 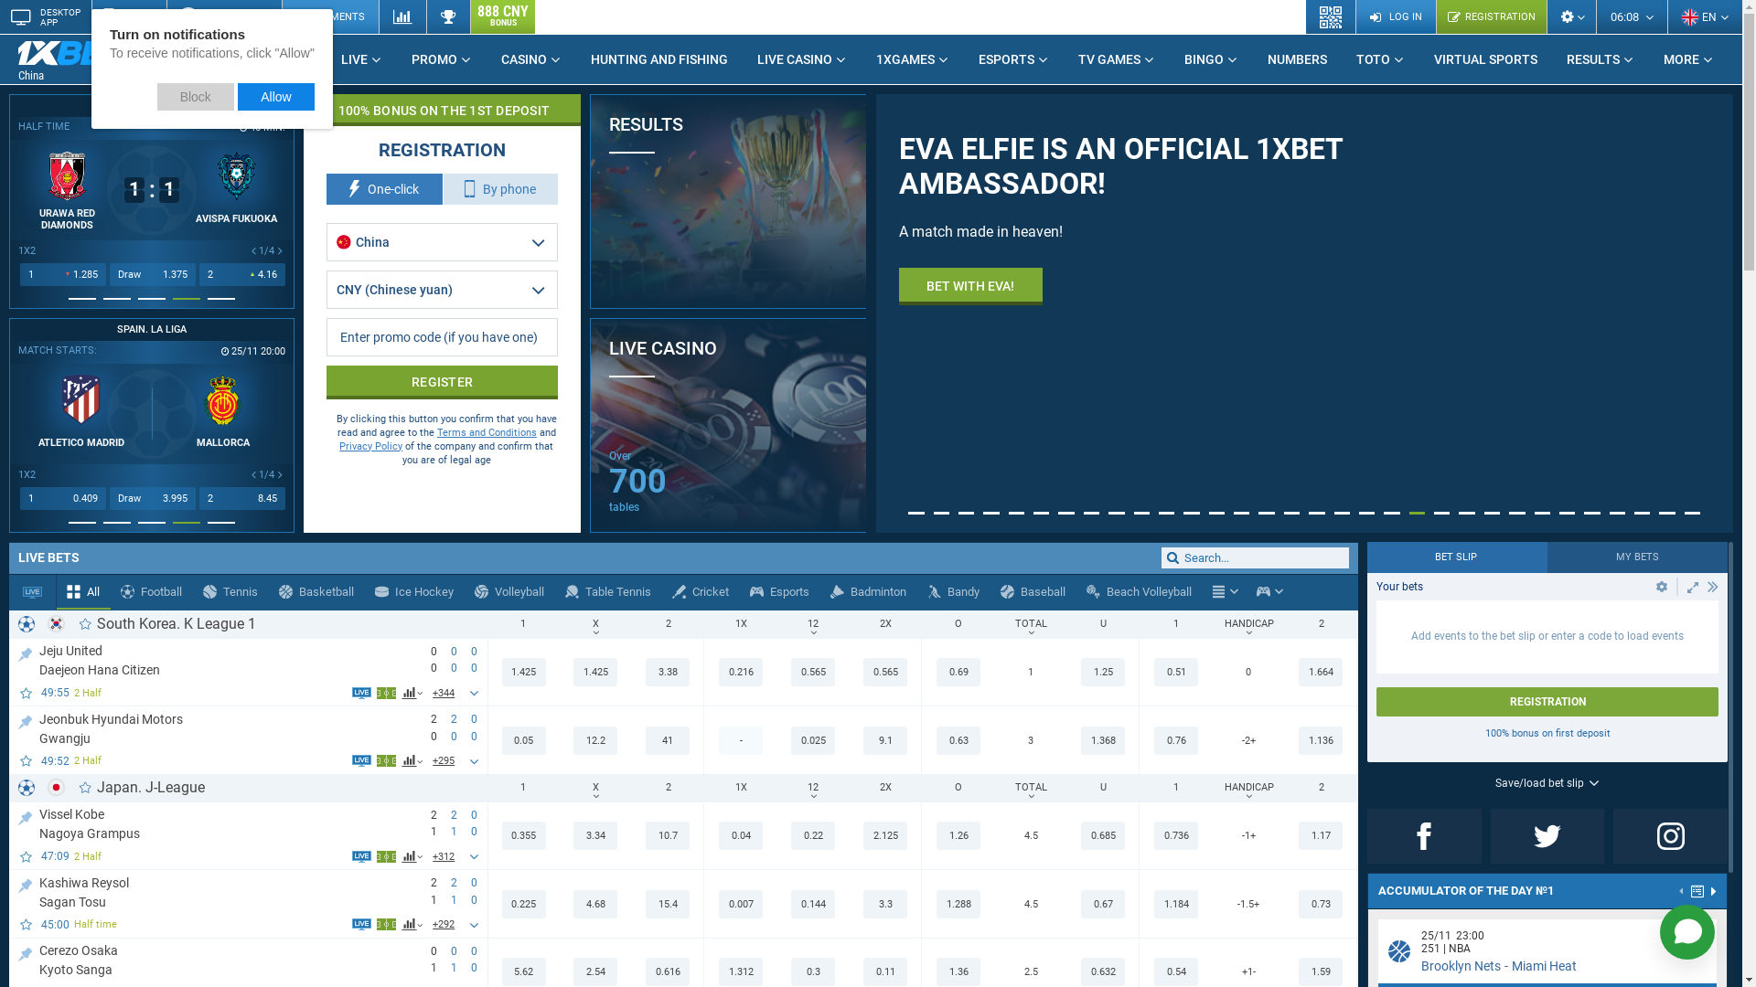 What do you see at coordinates (413, 592) in the screenshot?
I see `'Ice Hockey'` at bounding box center [413, 592].